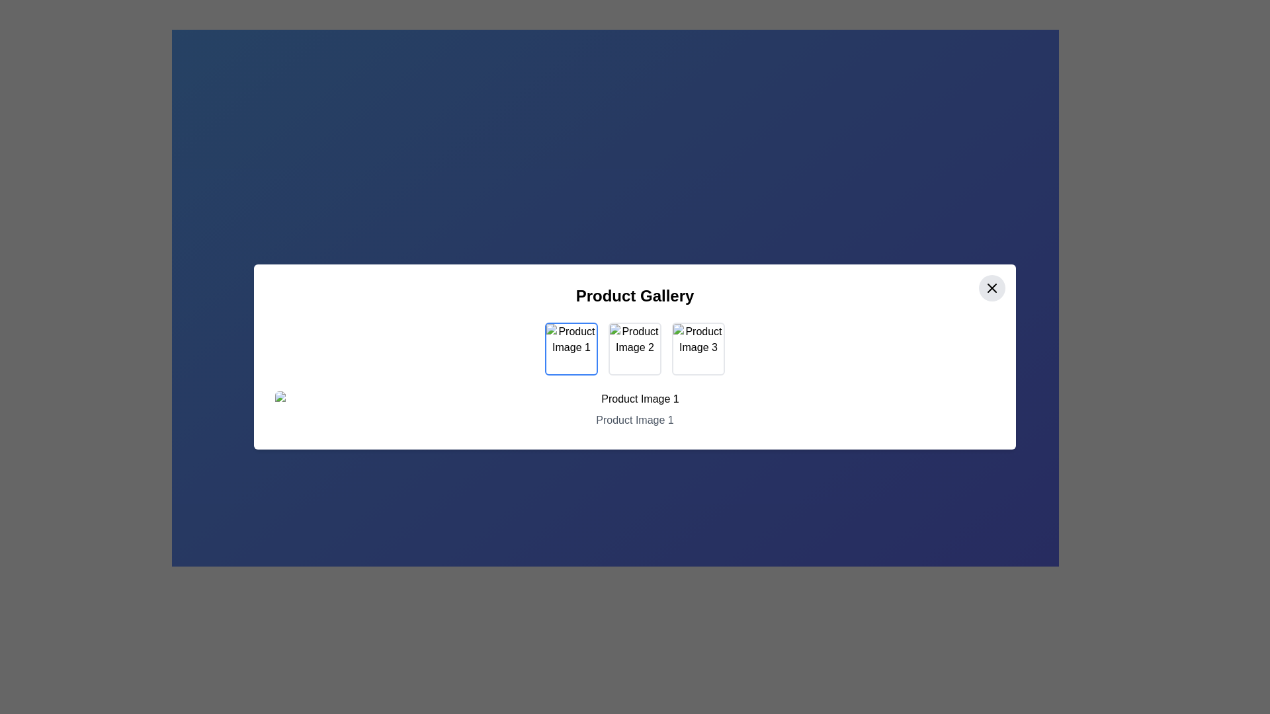 Image resolution: width=1270 pixels, height=714 pixels. What do you see at coordinates (635, 409) in the screenshot?
I see `the title text displayed in the 'Product Gallery' modal dialog, located below the thumbnail images and above the bottom boundary, to interact with it` at bounding box center [635, 409].